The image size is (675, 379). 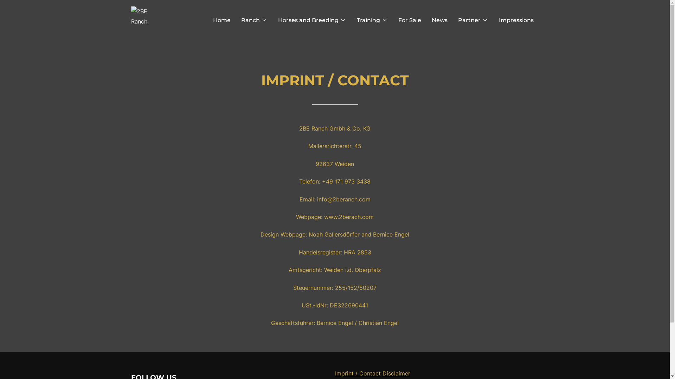 What do you see at coordinates (516, 20) in the screenshot?
I see `'Impressions'` at bounding box center [516, 20].